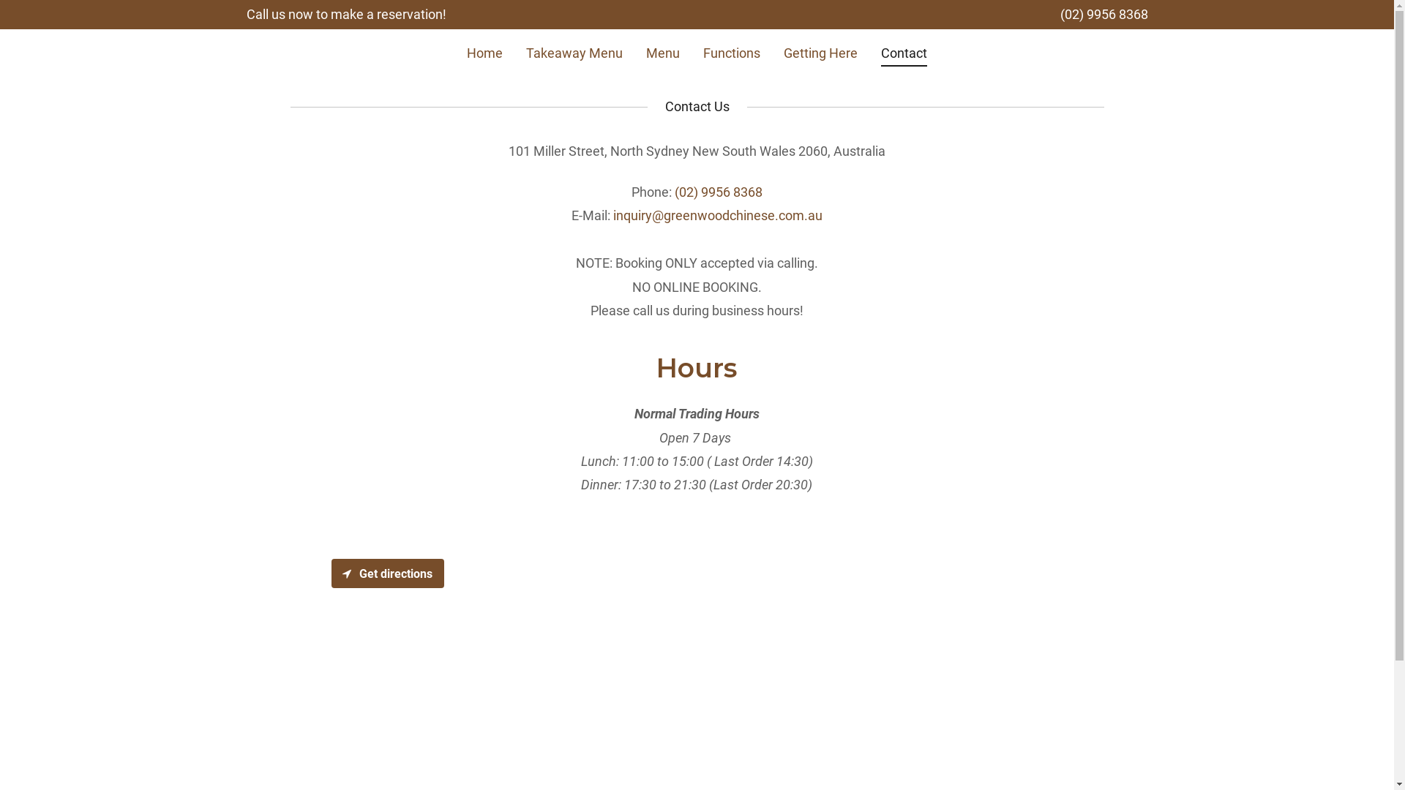  What do you see at coordinates (329, 572) in the screenshot?
I see `'Get directions'` at bounding box center [329, 572].